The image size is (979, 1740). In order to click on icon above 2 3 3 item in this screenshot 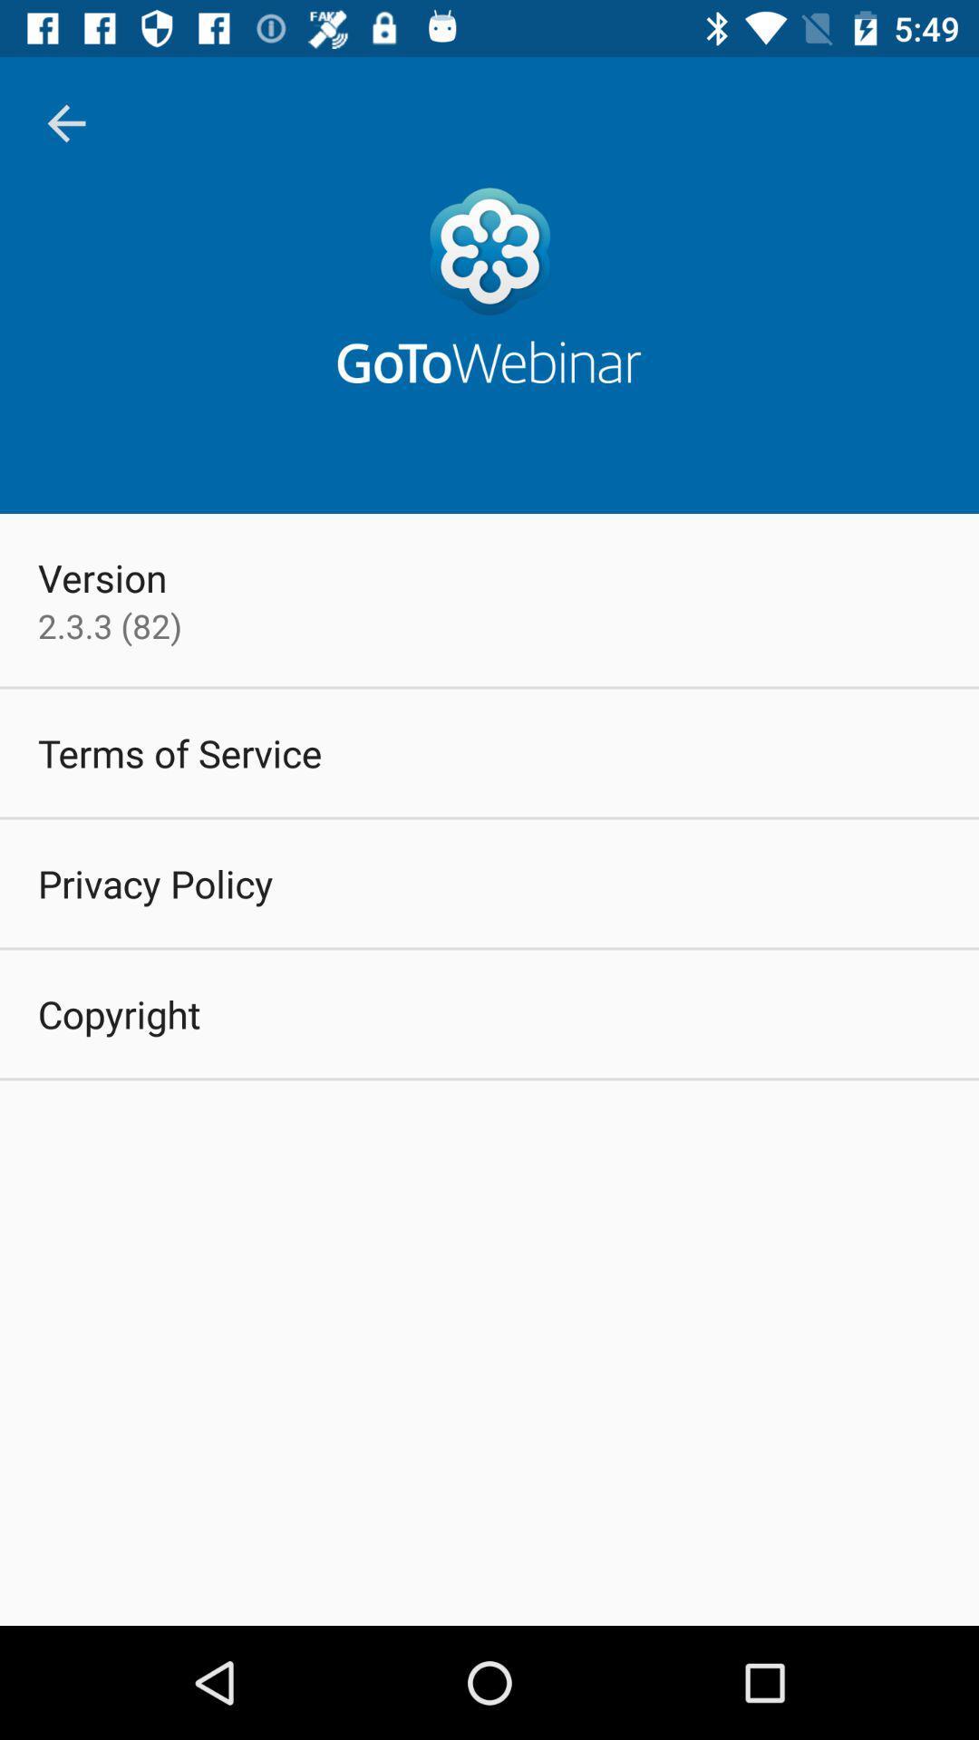, I will do `click(102, 576)`.